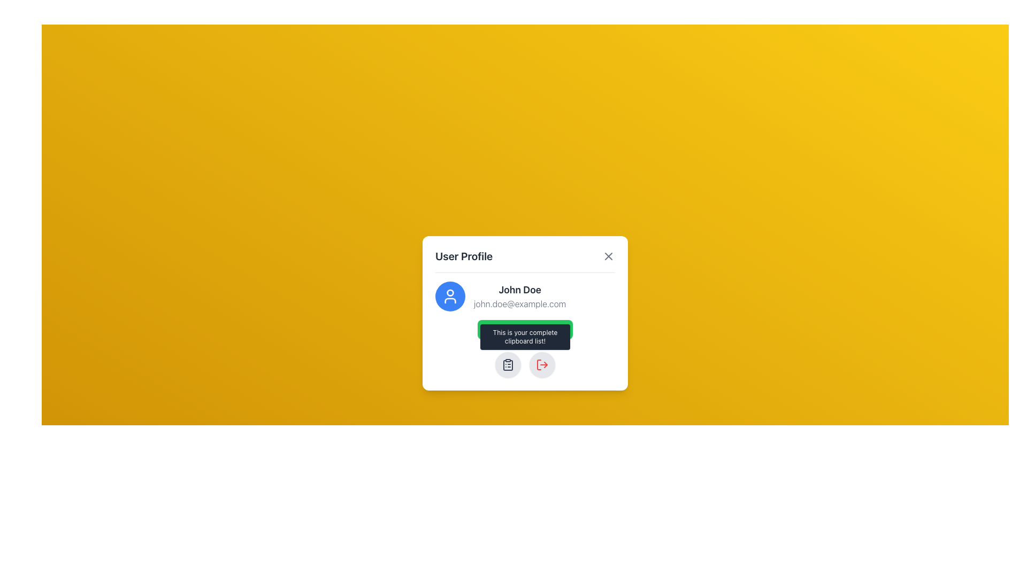  Describe the element at coordinates (464, 255) in the screenshot. I see `the 'User Profile' text at the top left of the modal card` at that location.